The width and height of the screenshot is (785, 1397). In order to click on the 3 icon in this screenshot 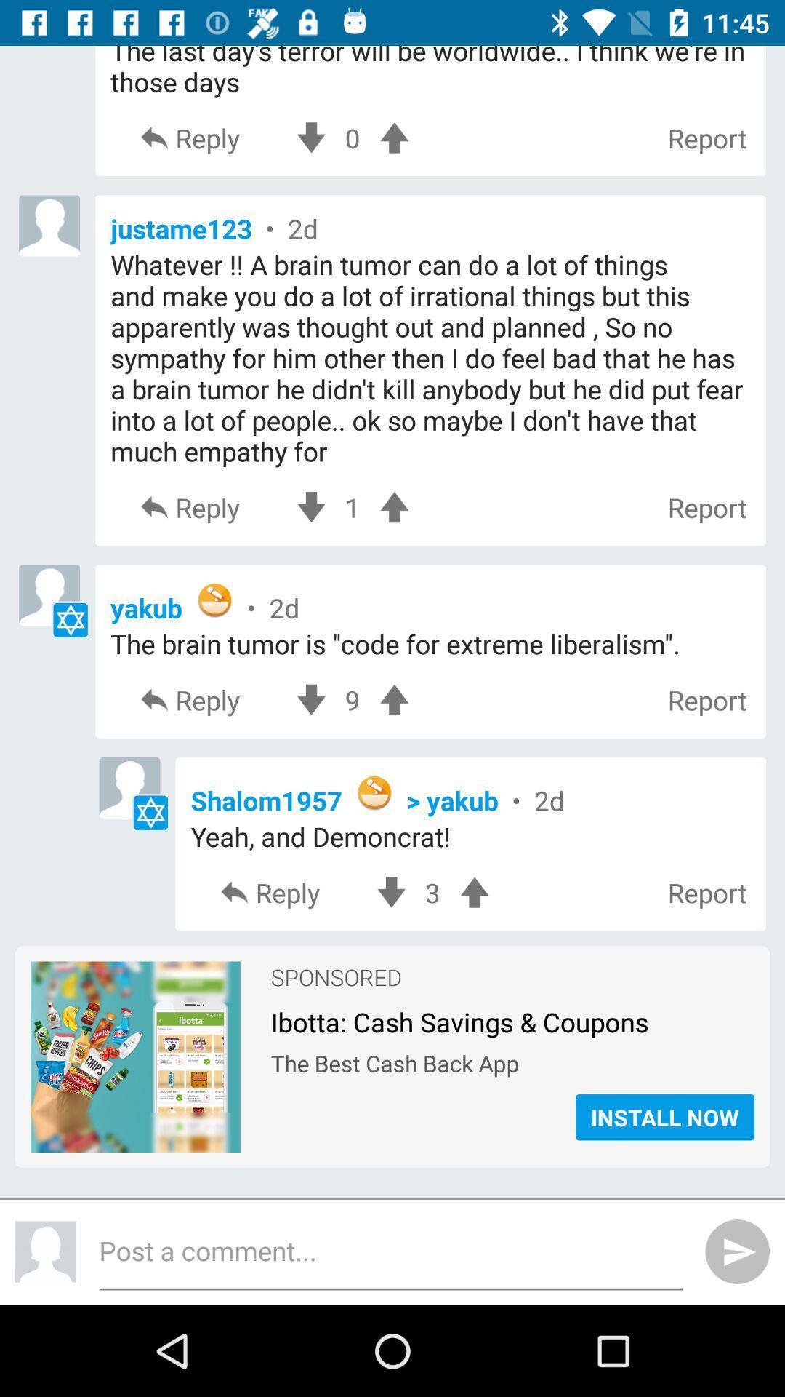, I will do `click(432, 892)`.